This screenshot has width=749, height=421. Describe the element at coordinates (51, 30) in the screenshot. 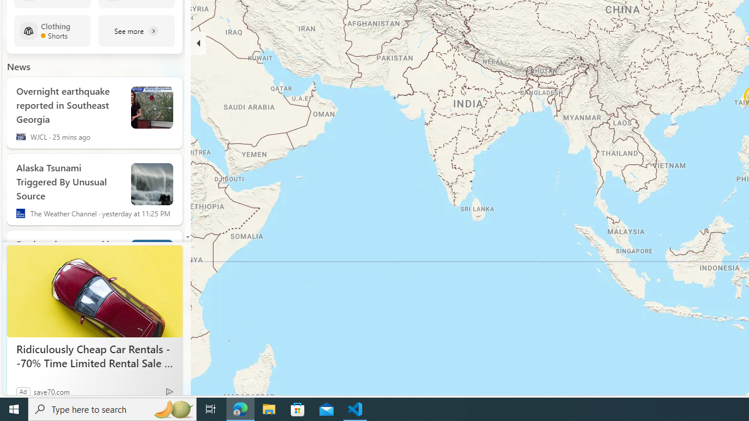

I see `'Clothing Shorts'` at that location.